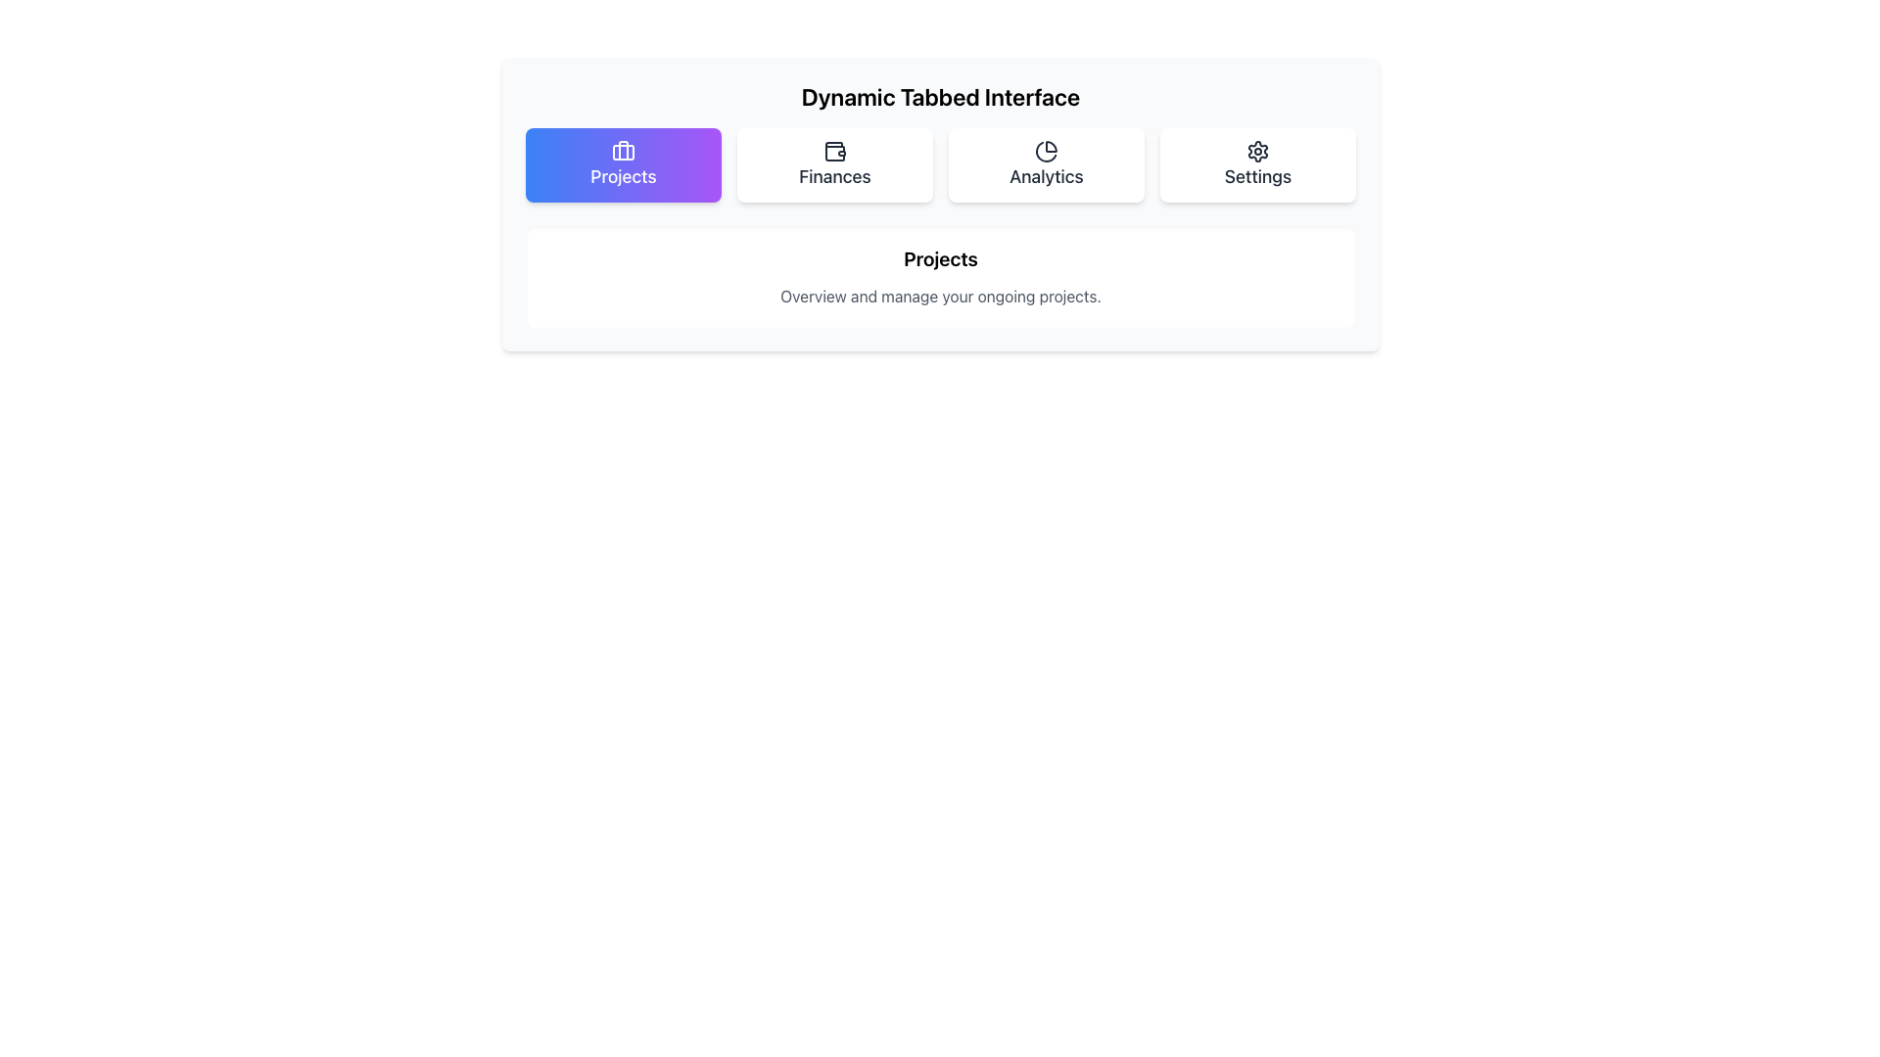 The image size is (1880, 1057). I want to click on the cog-shaped settings icon located in the 'Settings' tab at the rightmost part of the horizontal row of tabs, so click(1258, 150).